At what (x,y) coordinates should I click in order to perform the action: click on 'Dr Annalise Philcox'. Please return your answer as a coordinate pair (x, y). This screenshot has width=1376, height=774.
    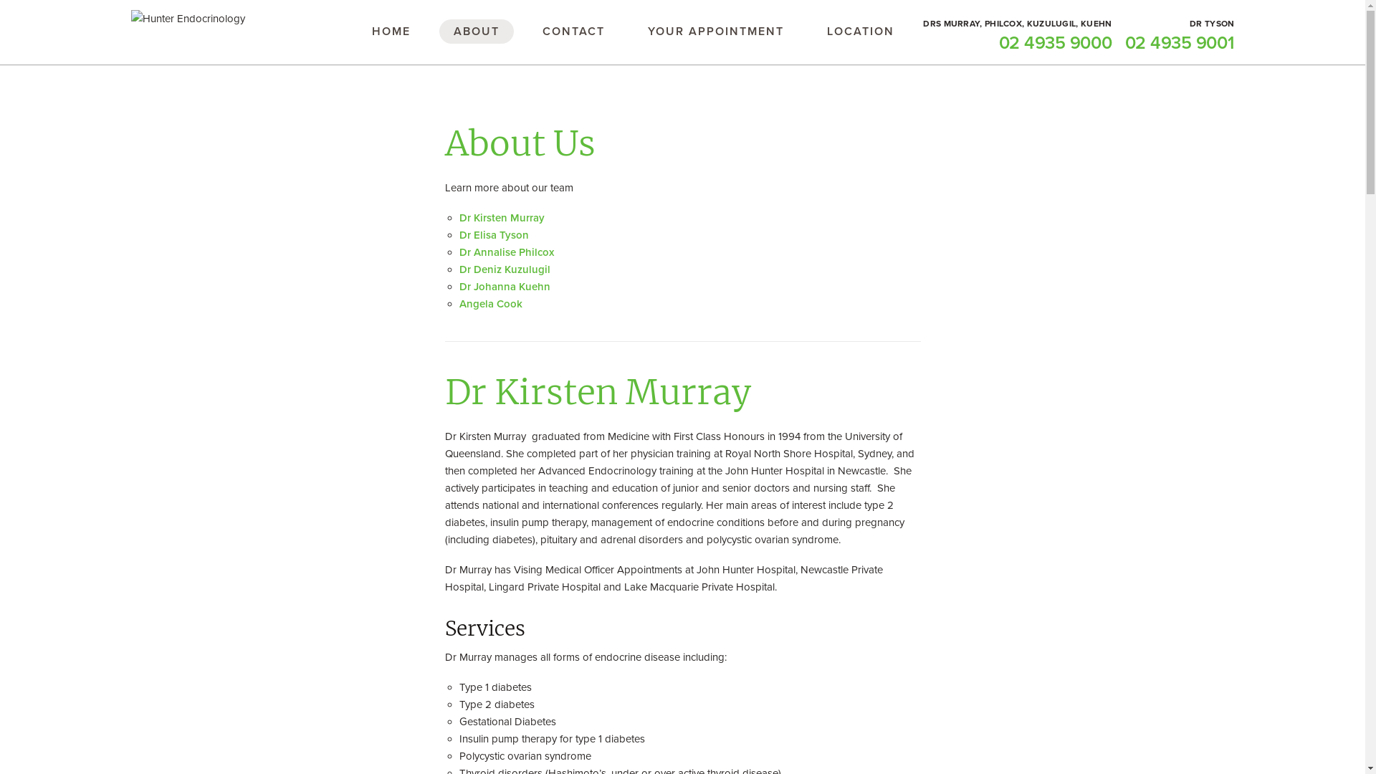
    Looking at the image, I should click on (505, 251).